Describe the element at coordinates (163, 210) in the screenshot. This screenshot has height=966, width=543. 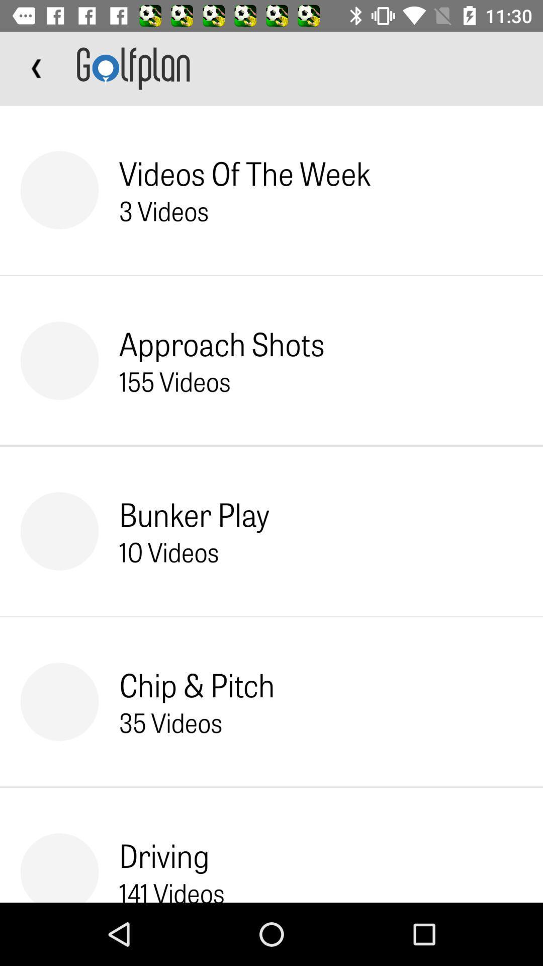
I see `icon above approach shots item` at that location.